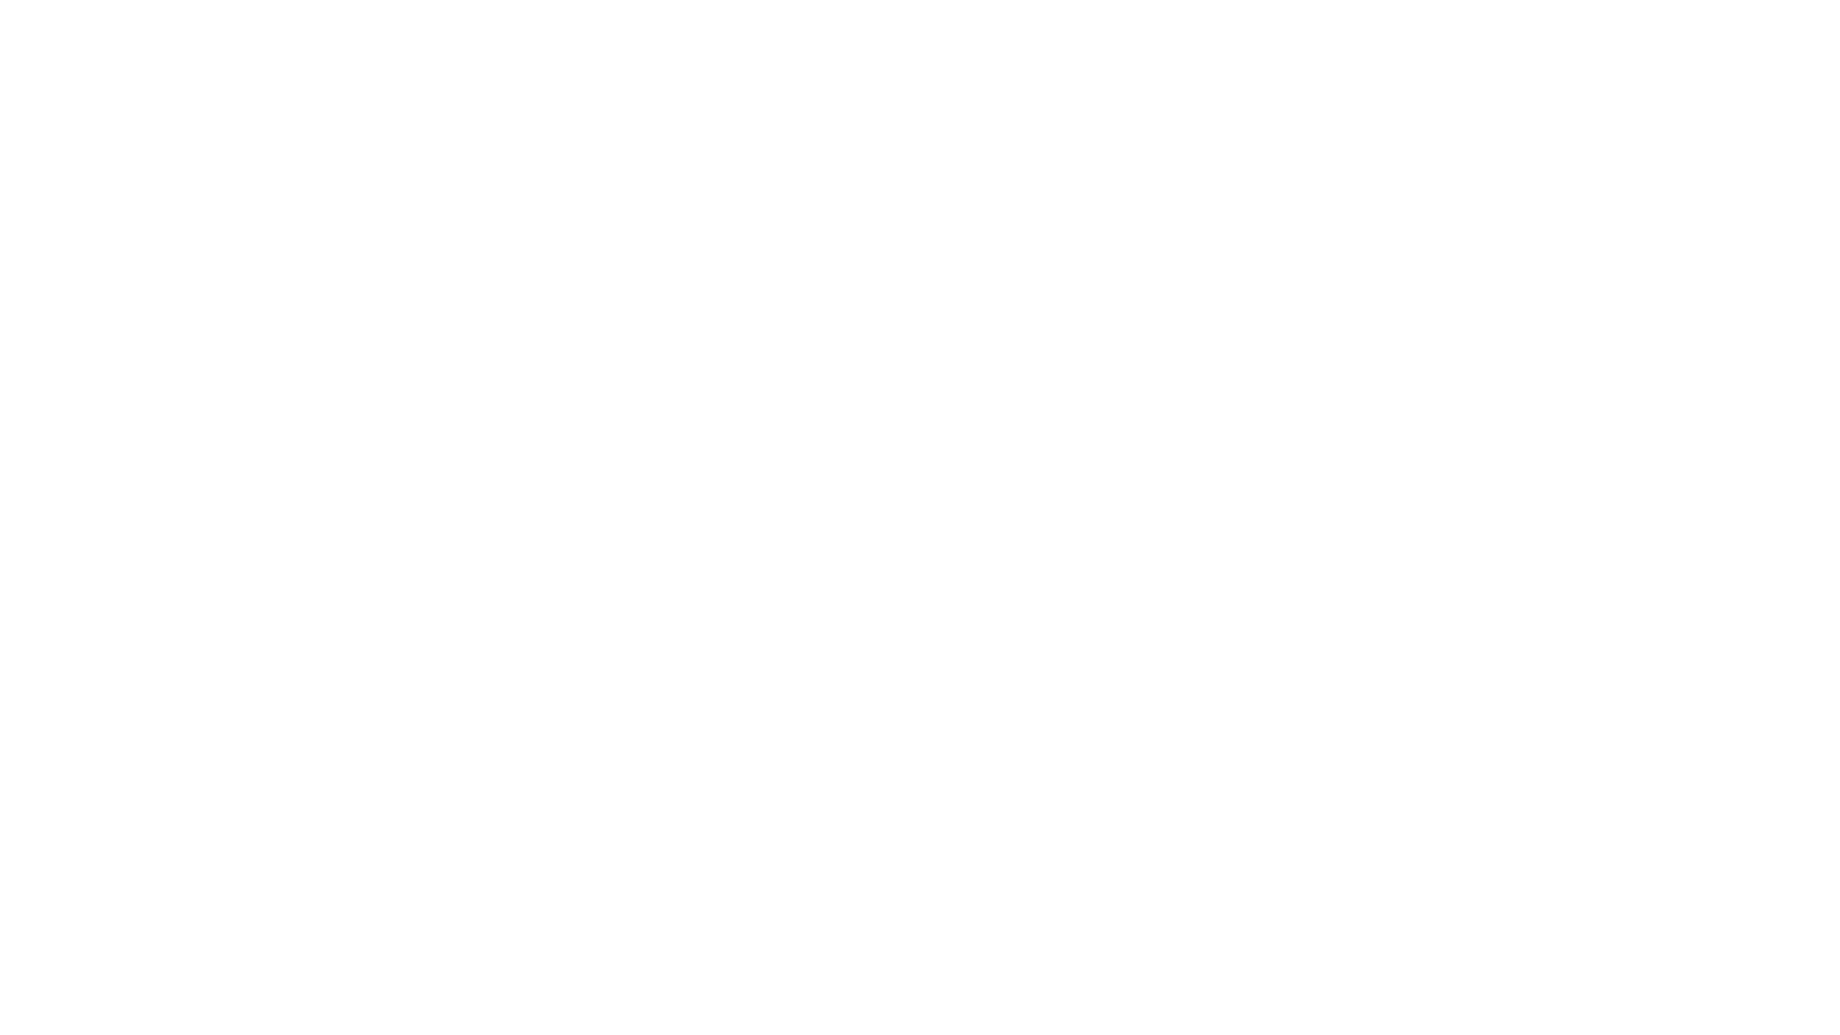 This screenshot has height=1035, width=1840. I want to click on Ecology and Evolutionary Biology, so click(1042, 649).